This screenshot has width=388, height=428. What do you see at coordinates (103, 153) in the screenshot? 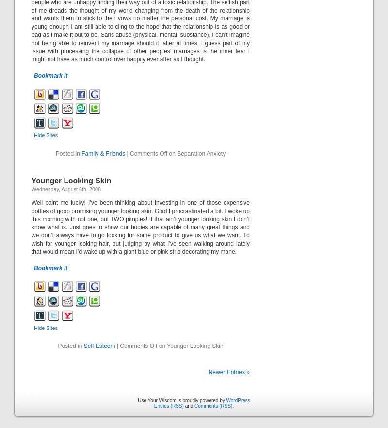
I see `'Family & Friends'` at bounding box center [103, 153].